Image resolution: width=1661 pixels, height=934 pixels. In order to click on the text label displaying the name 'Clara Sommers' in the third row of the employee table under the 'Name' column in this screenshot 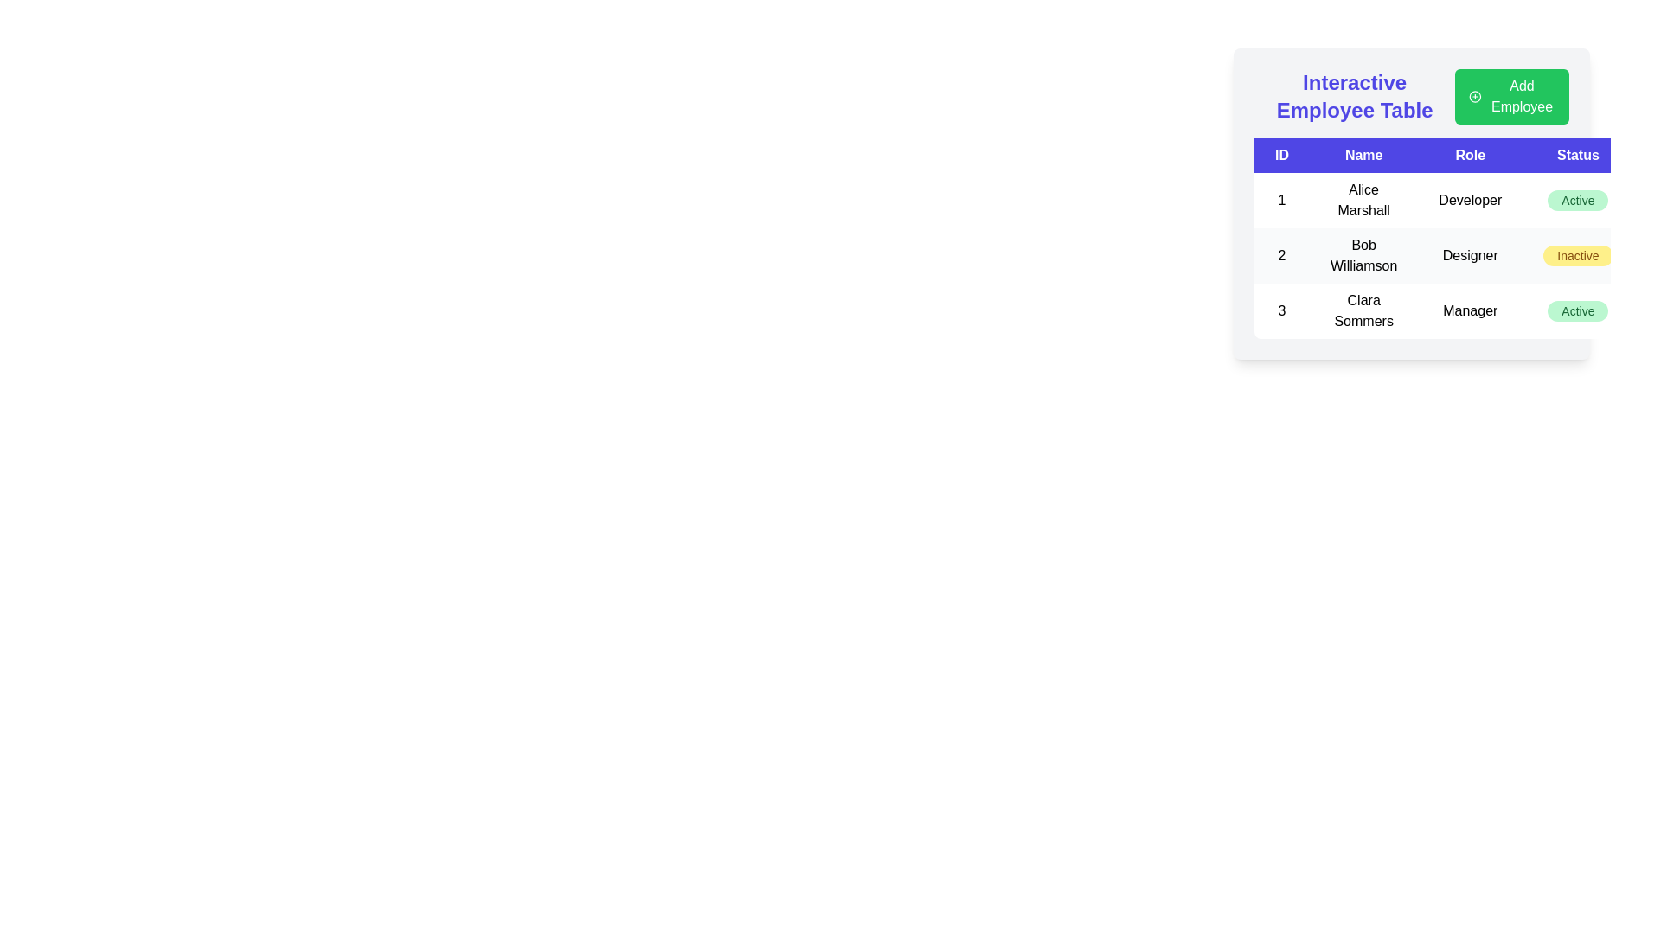, I will do `click(1363, 310)`.